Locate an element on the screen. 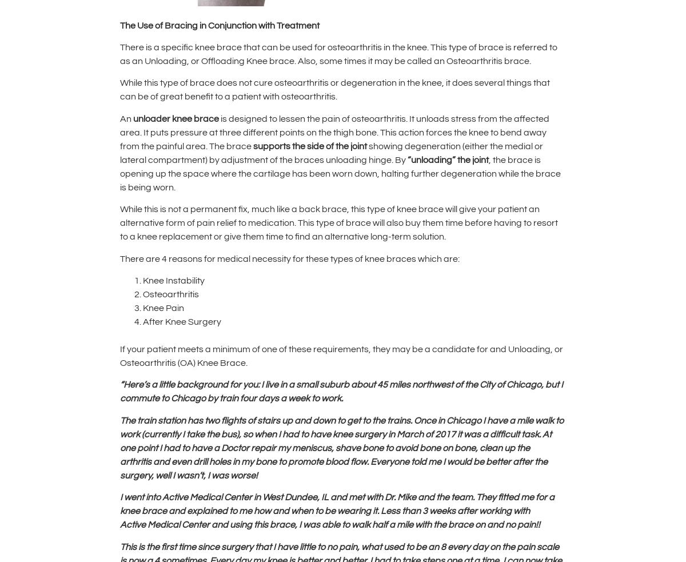  'There are 4 reasons for medical necessity for these types of knee braces which are:' is located at coordinates (289, 257).